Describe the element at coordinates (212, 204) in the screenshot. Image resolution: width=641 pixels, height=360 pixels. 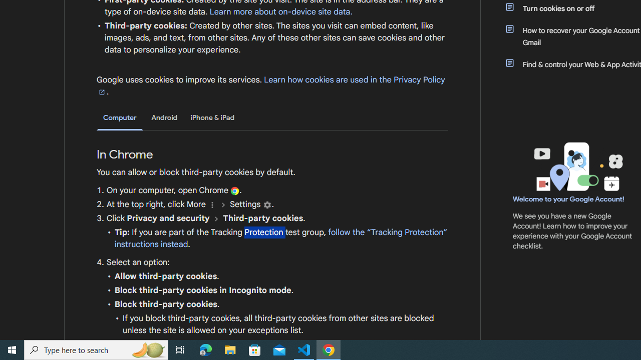
I see `'More'` at that location.